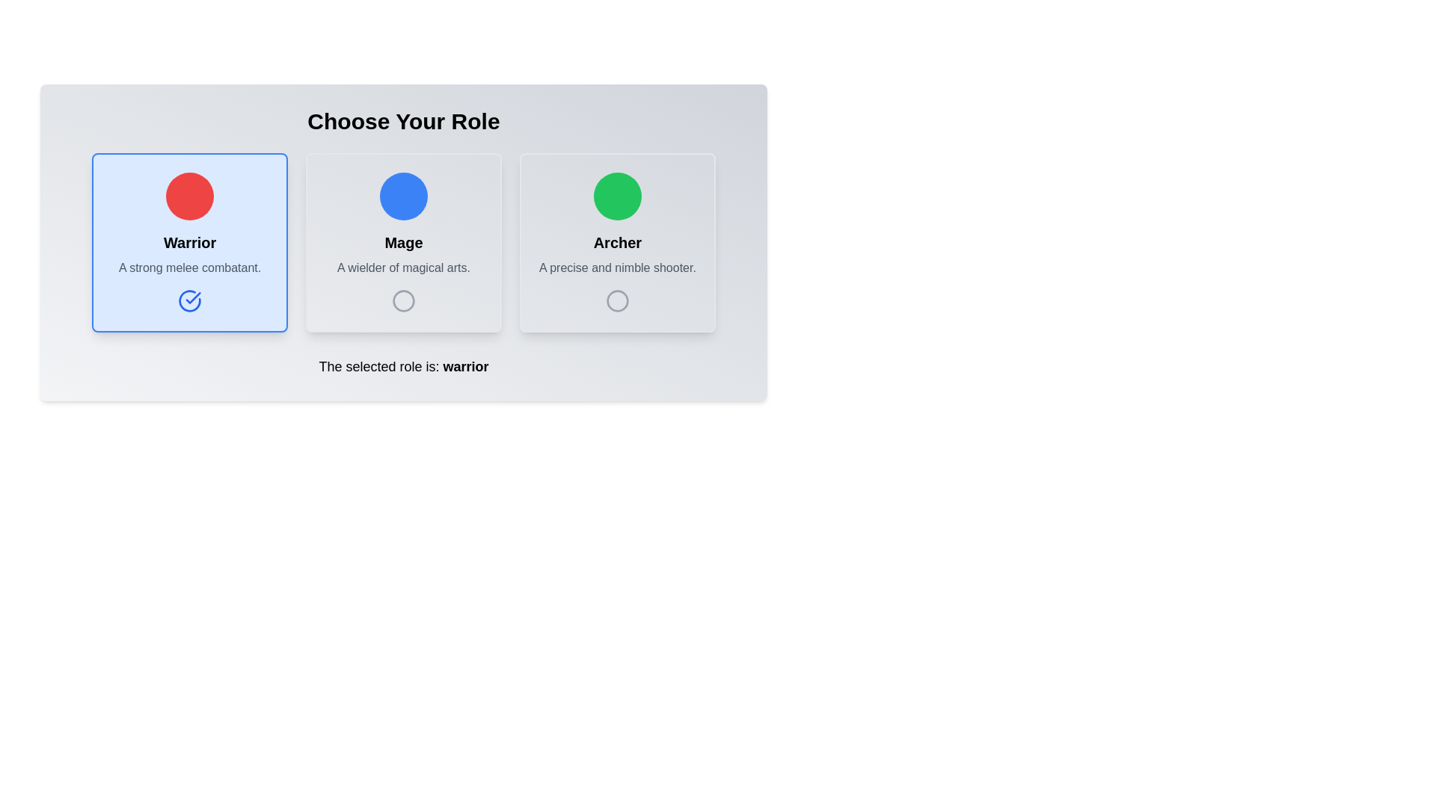  I want to click on the radio button for the 'Mage' role, so click(403, 300).